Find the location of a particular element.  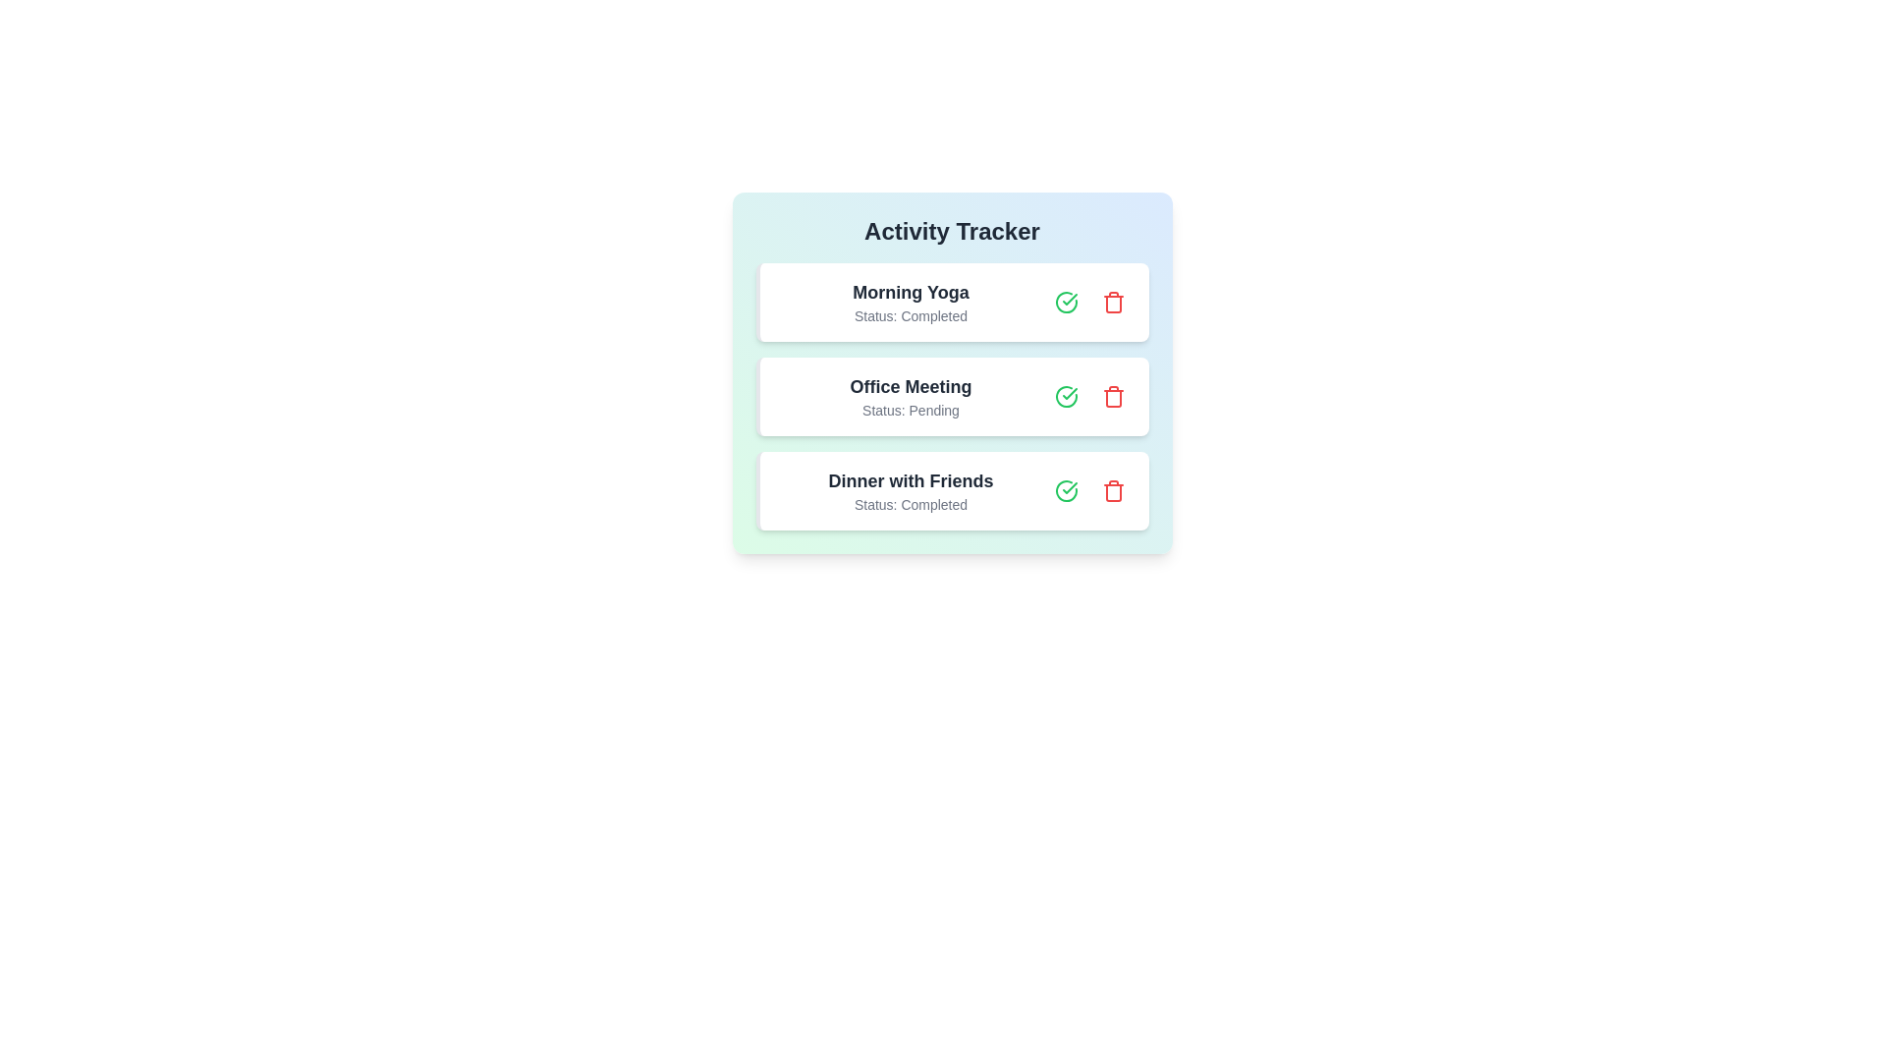

the green checkmark button for the activity Dinner with Friends is located at coordinates (1065, 490).